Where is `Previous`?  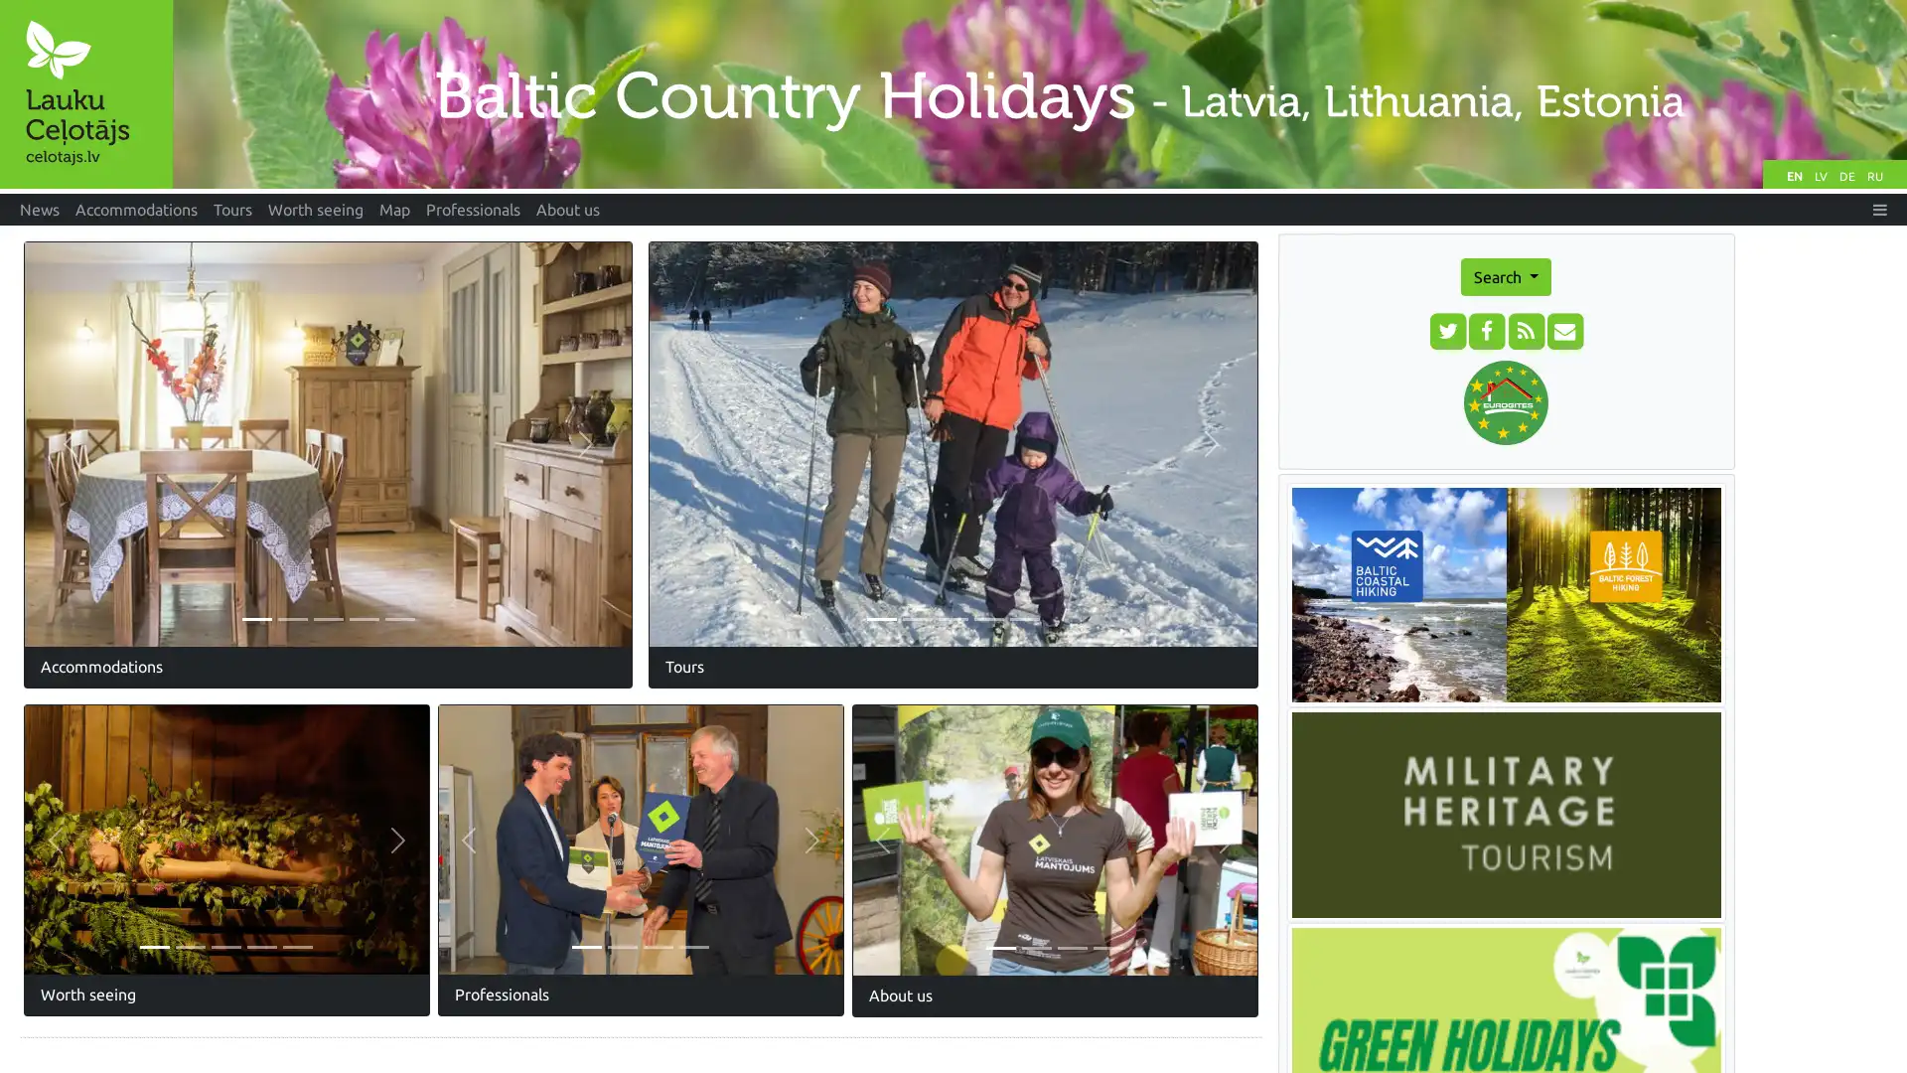 Previous is located at coordinates (55, 840).